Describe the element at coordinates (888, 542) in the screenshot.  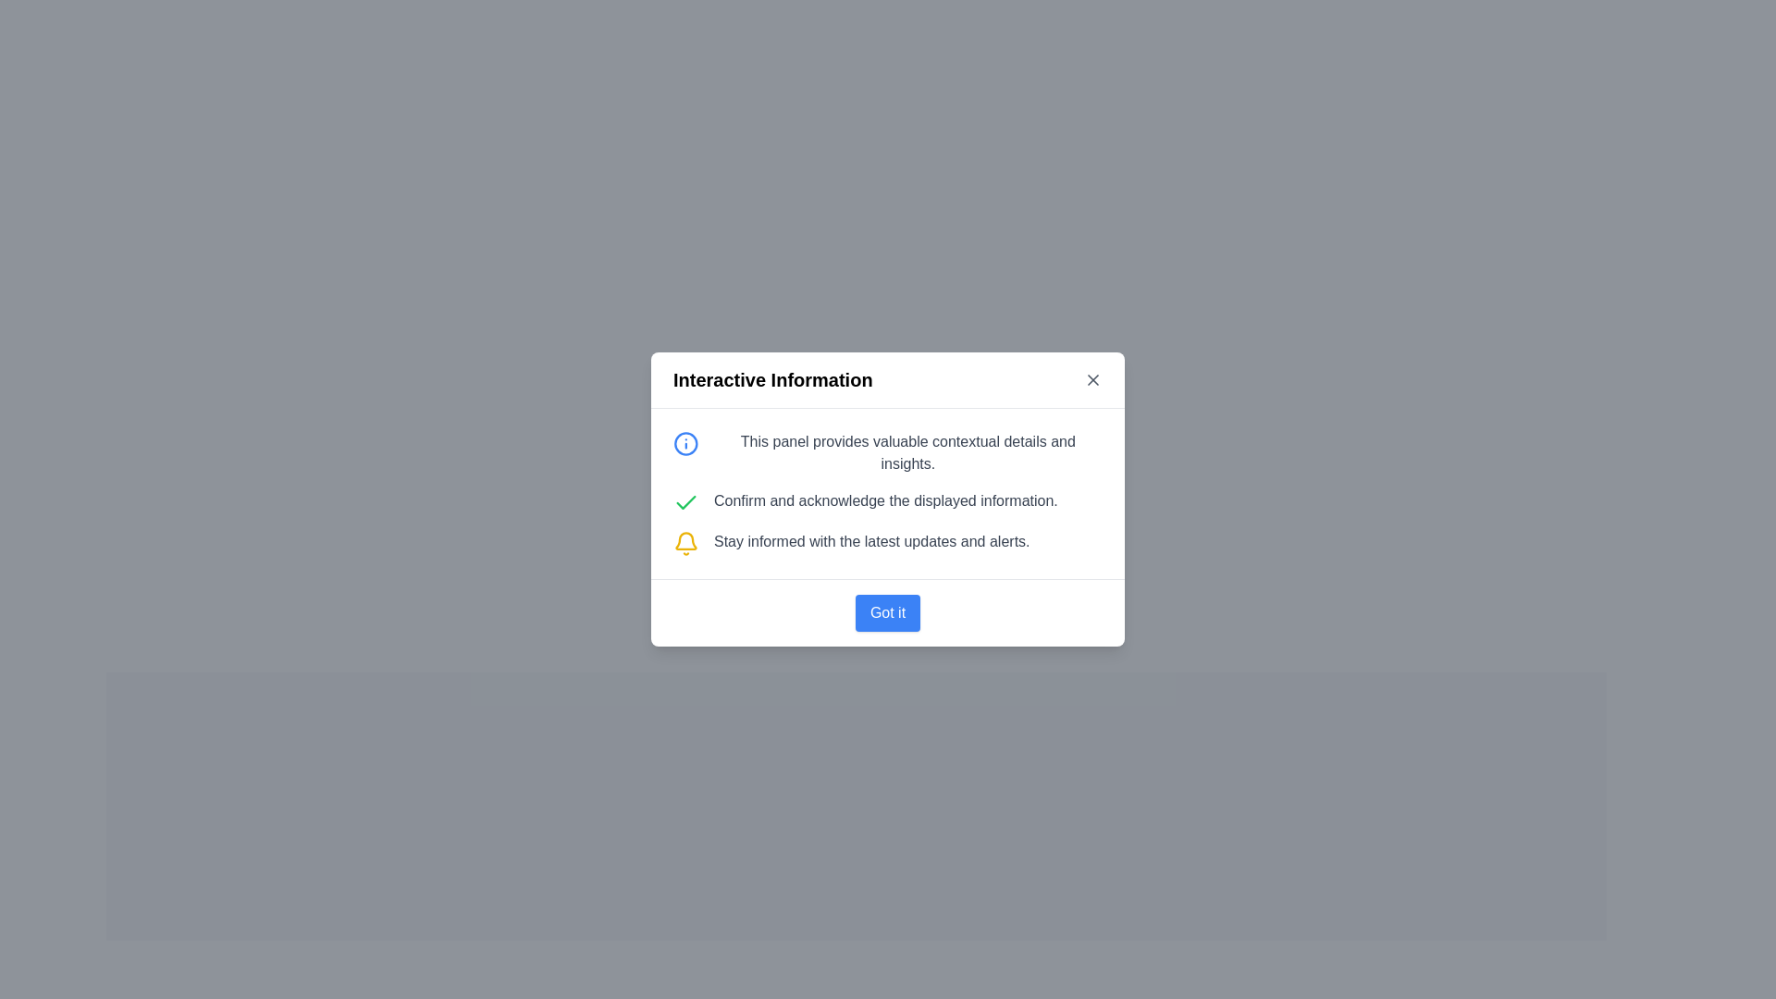
I see `informative text block containing the yellow bell icon and the message 'Stay informed with the latest updates and alerts.' located at the bottom of the displayed panel` at that location.